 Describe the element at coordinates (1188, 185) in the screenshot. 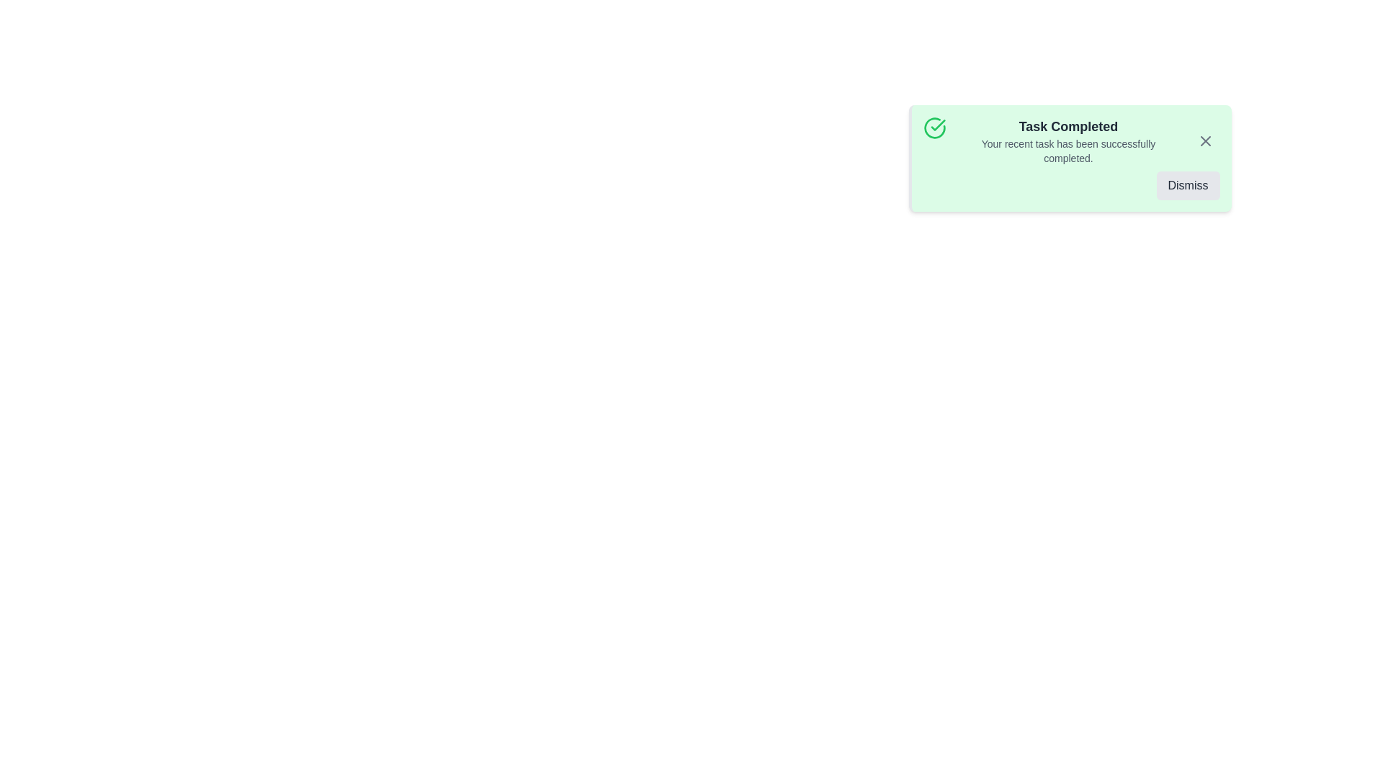

I see `the 'Dismiss' button located in the bottom-right corner of the notification panel` at that location.